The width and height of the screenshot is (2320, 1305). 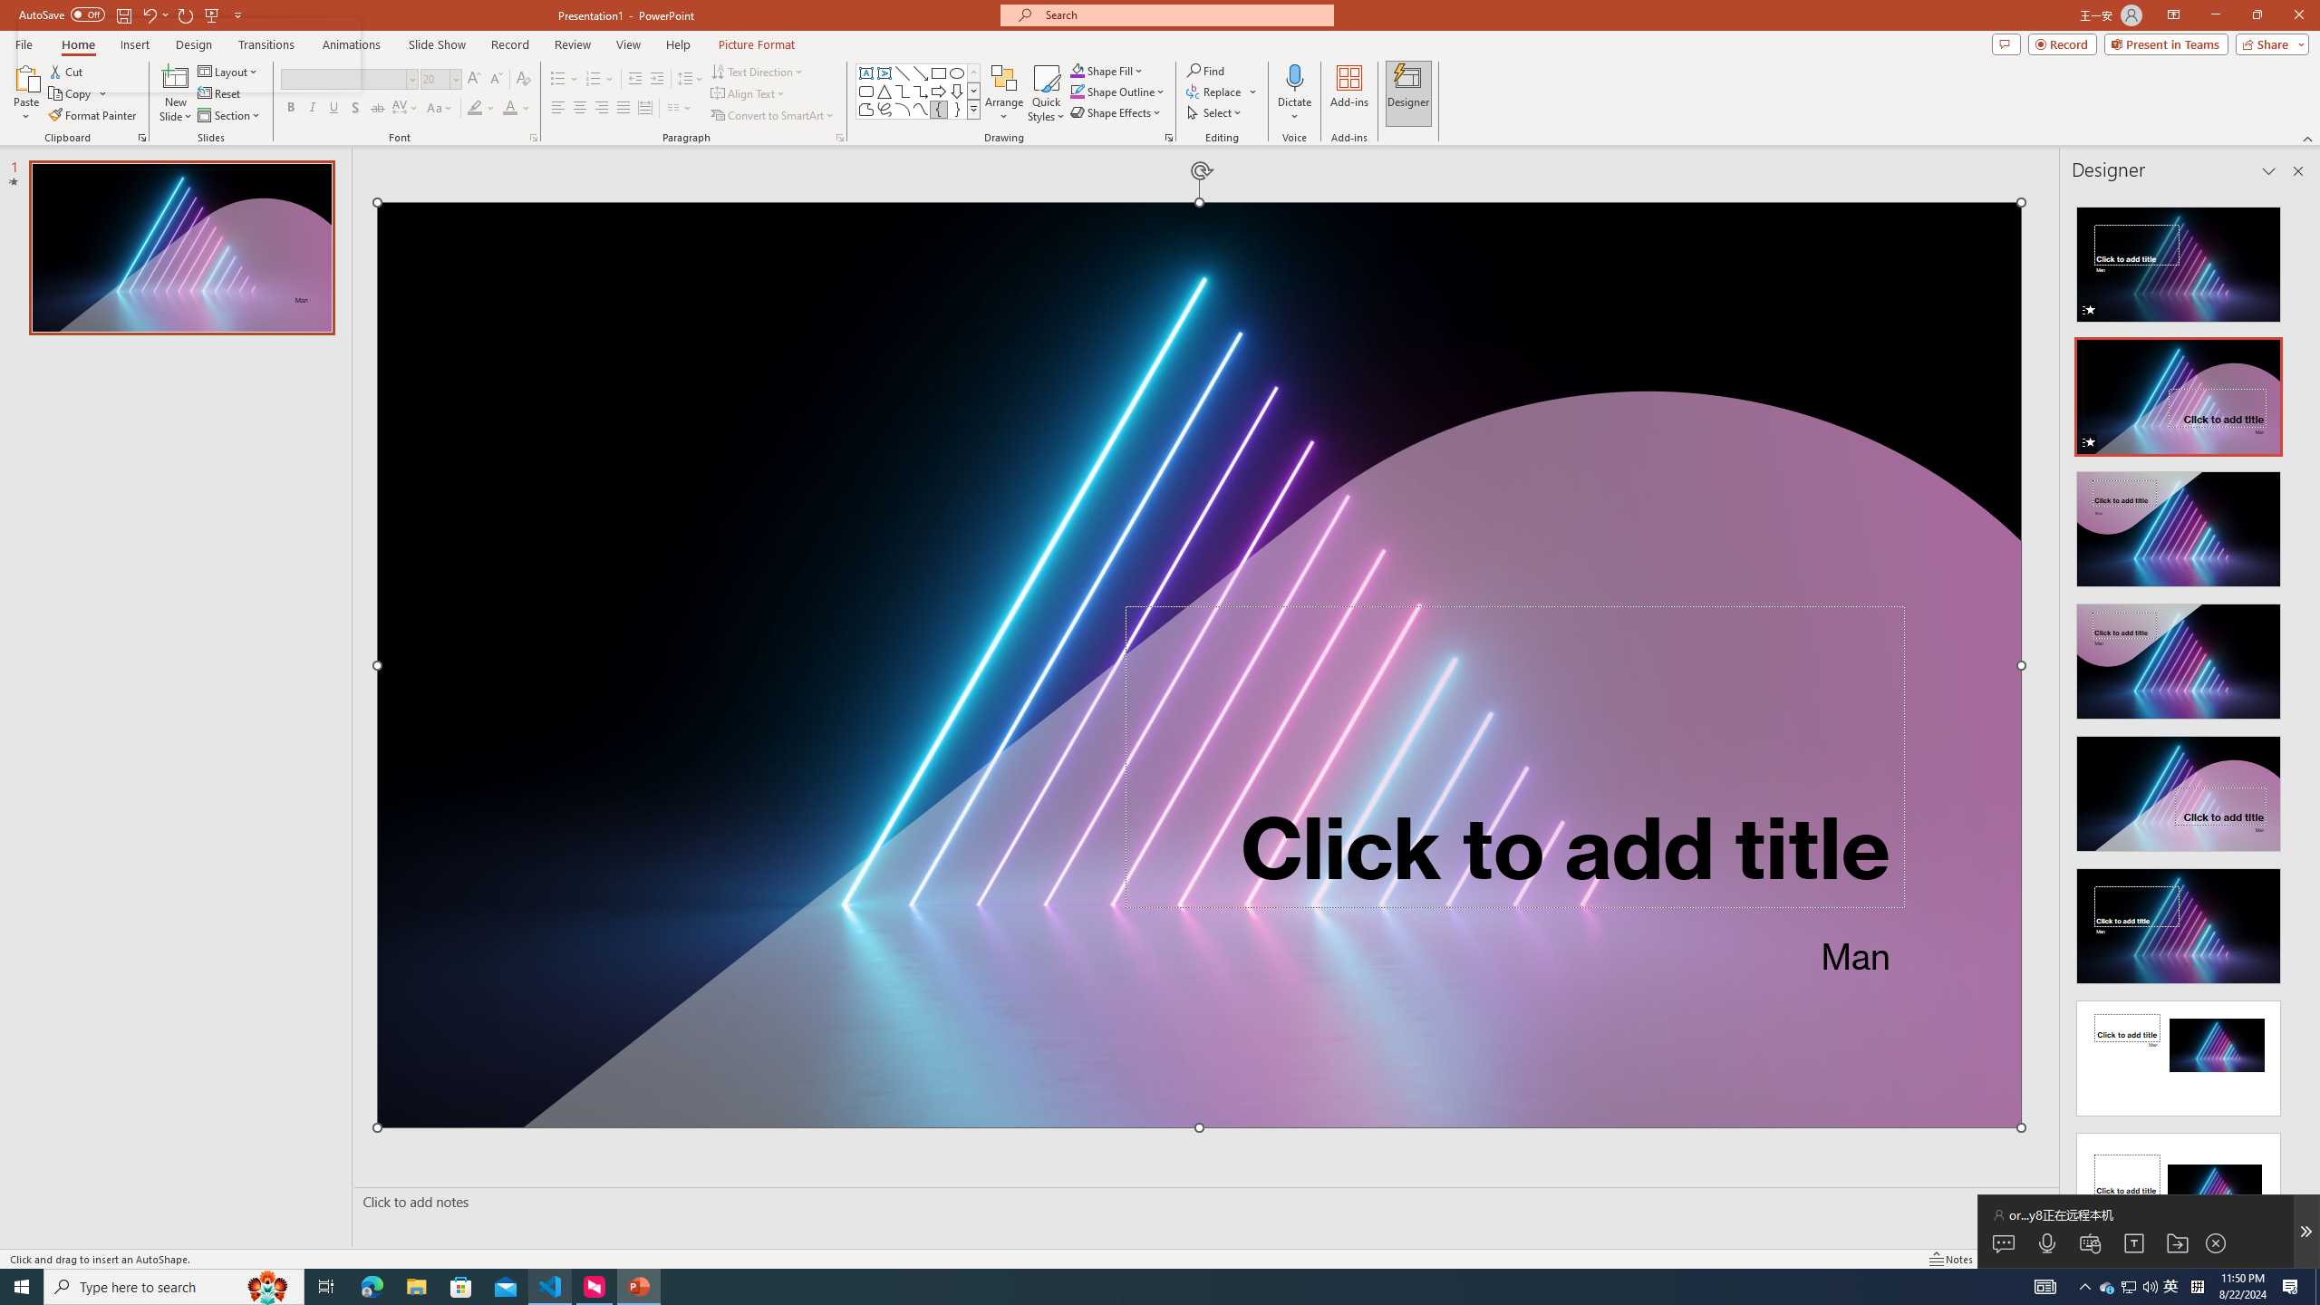 What do you see at coordinates (266, 44) in the screenshot?
I see `'Transitions'` at bounding box center [266, 44].